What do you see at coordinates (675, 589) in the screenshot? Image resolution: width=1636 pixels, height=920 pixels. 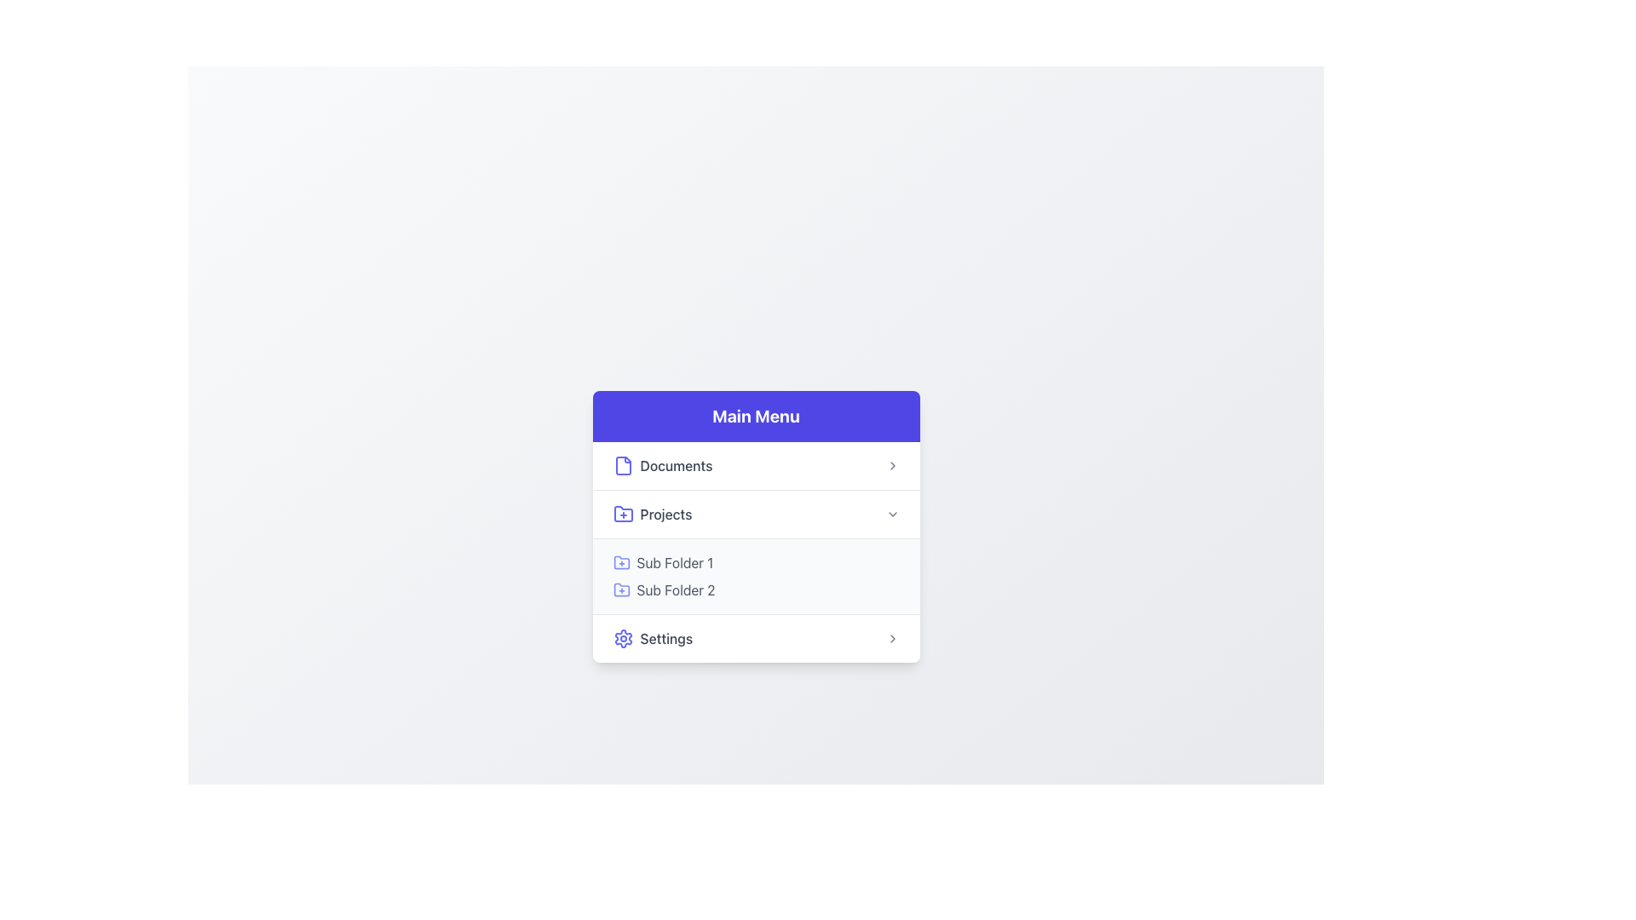 I see `the text label displaying 'Sub Folder 2' in gray color, which is a sub-item under the 'Projects' menu` at bounding box center [675, 589].